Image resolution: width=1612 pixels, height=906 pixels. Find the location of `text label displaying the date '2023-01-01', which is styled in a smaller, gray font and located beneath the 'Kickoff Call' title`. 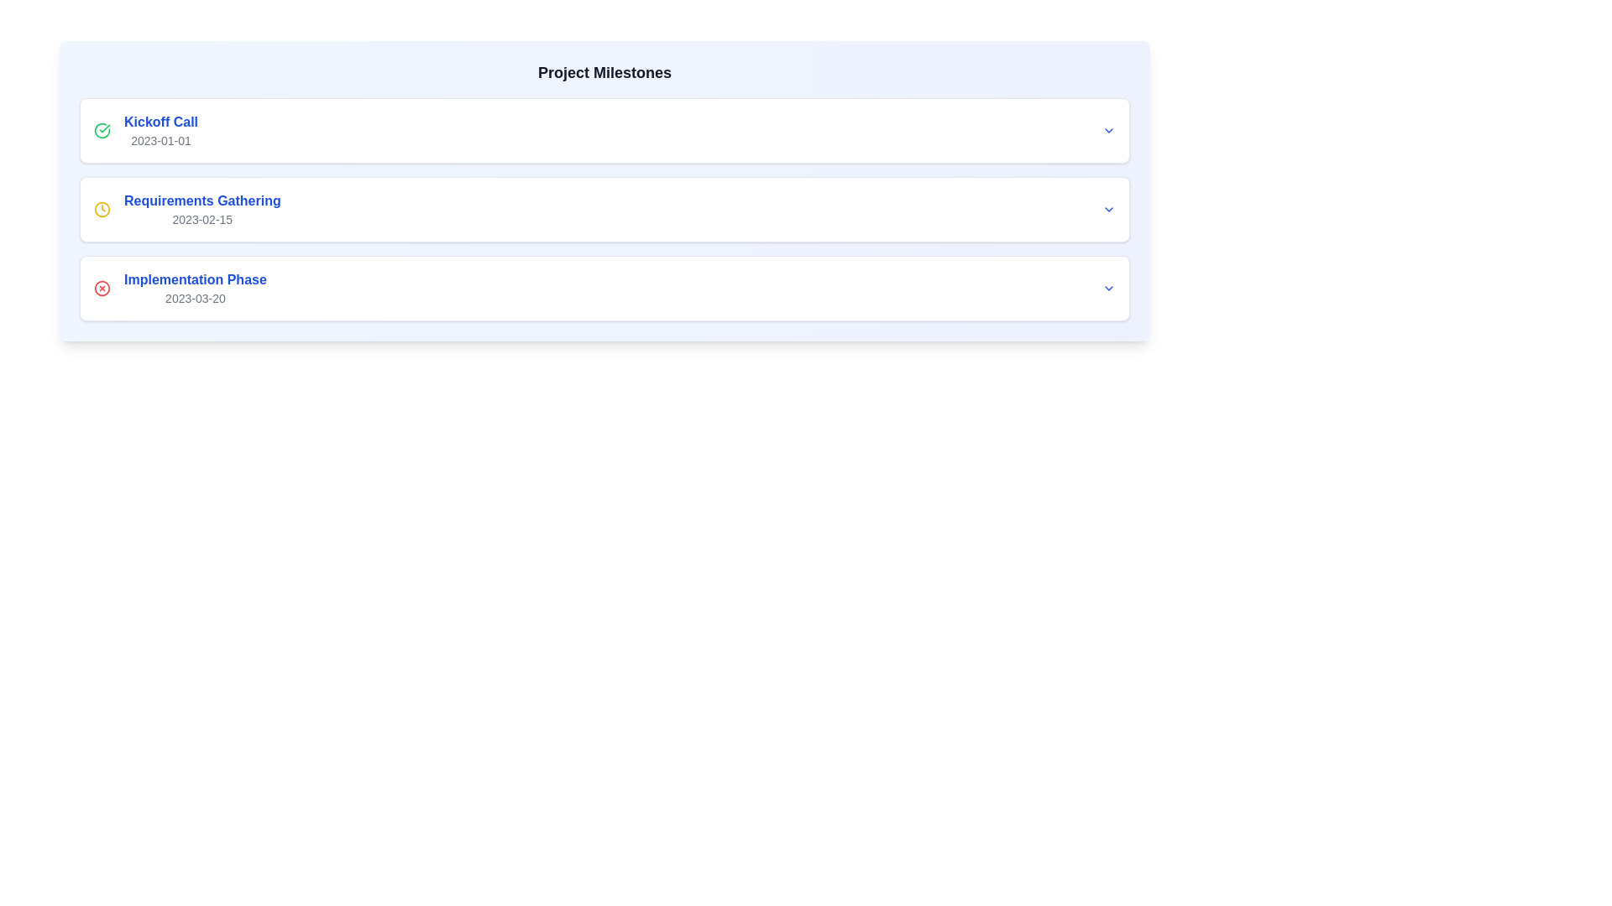

text label displaying the date '2023-01-01', which is styled in a smaller, gray font and located beneath the 'Kickoff Call' title is located at coordinates (161, 140).